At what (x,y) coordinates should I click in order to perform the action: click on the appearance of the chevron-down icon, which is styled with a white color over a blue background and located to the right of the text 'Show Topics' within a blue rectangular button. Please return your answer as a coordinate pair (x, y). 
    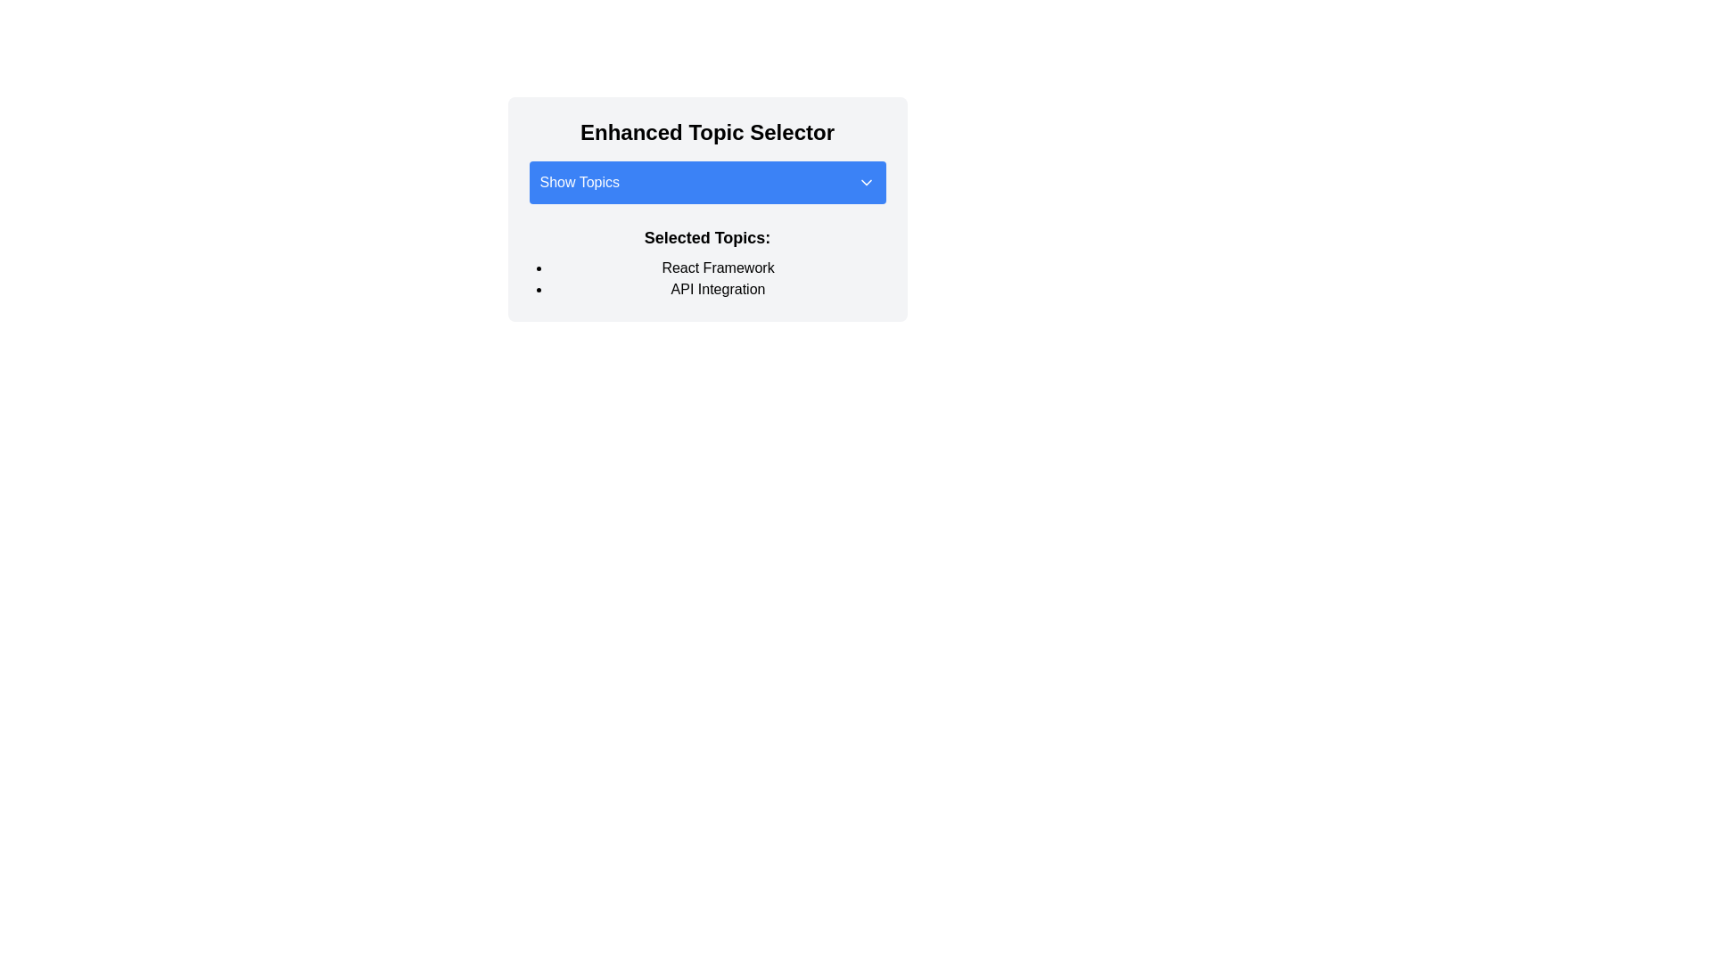
    Looking at the image, I should click on (866, 182).